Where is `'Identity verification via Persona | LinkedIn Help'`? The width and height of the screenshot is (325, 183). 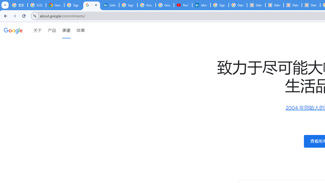
'Identity verification via Persona | LinkedIn Help' is located at coordinates (201, 5).